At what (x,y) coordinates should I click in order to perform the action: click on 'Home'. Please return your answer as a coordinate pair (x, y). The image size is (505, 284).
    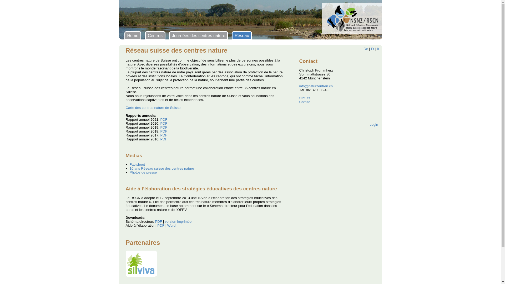
    Looking at the image, I should click on (133, 35).